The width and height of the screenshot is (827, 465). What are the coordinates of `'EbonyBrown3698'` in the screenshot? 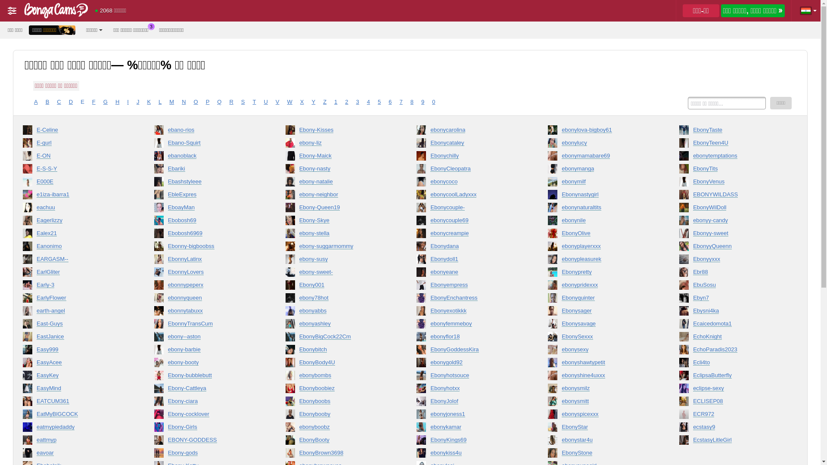 It's located at (285, 454).